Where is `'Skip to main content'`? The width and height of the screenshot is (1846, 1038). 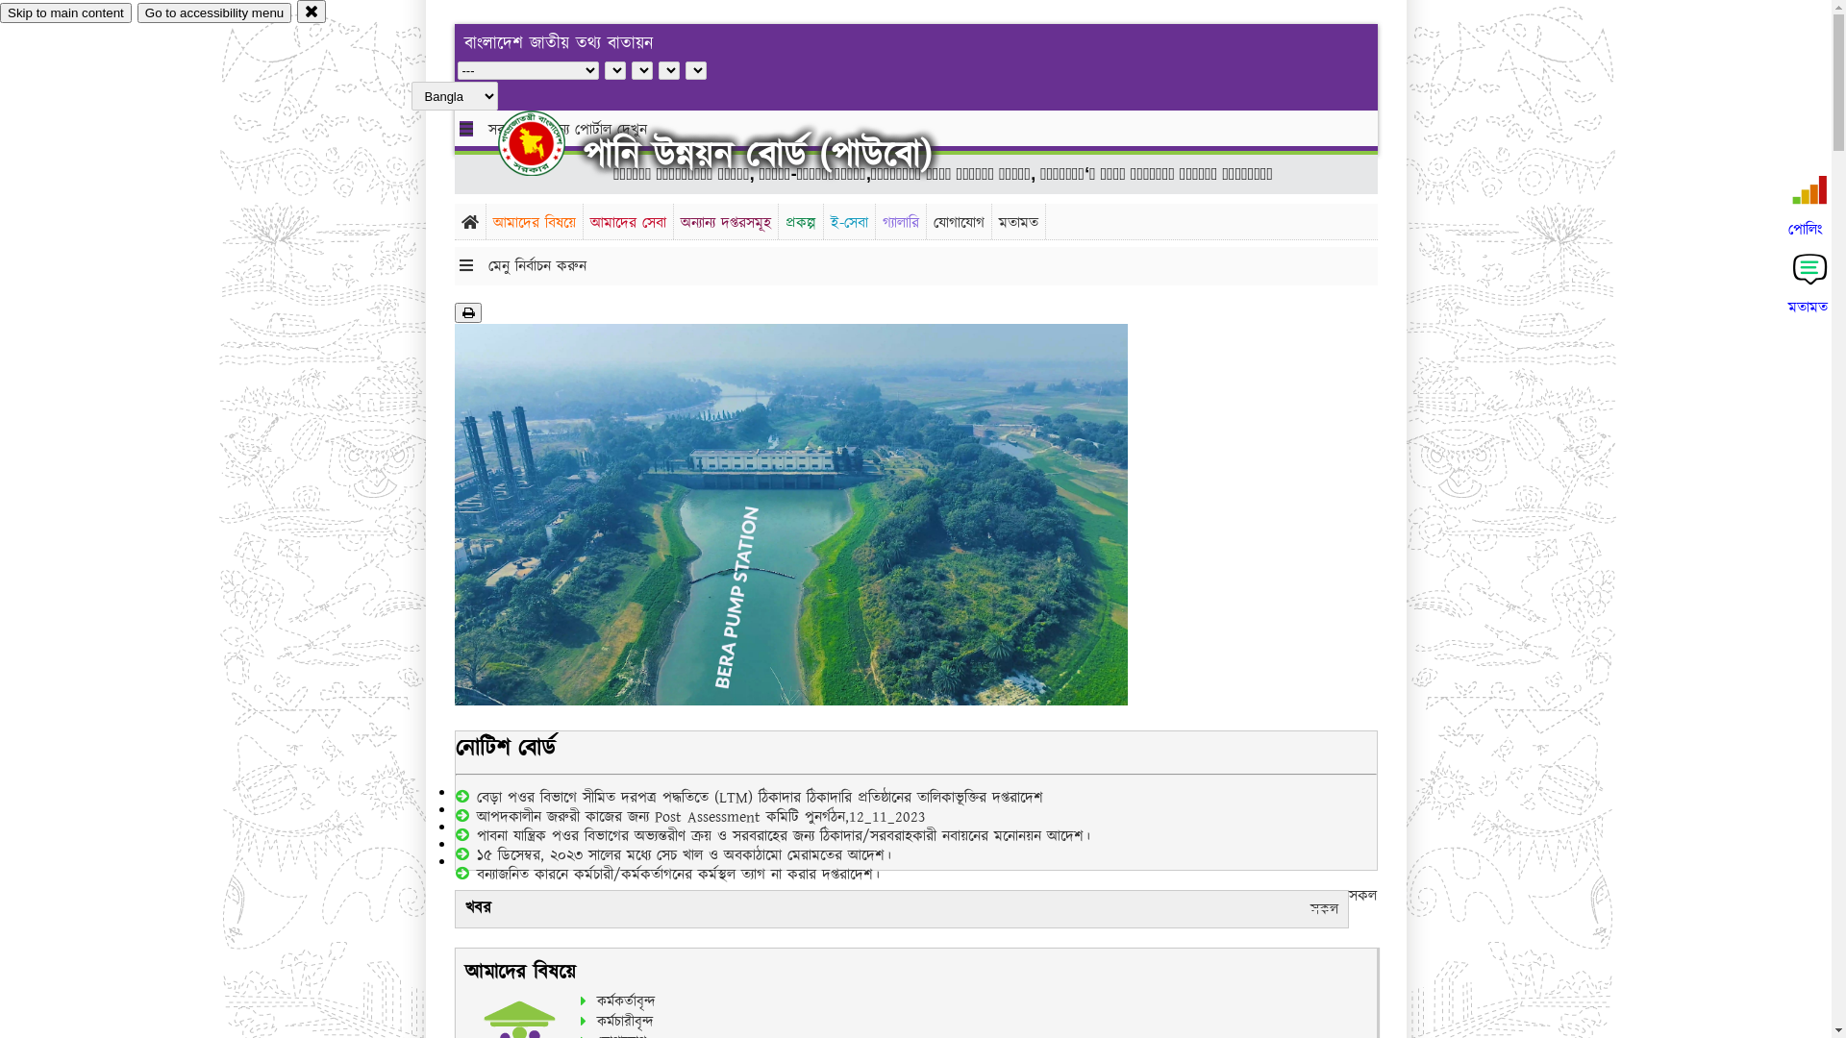
'Skip to main content' is located at coordinates (65, 12).